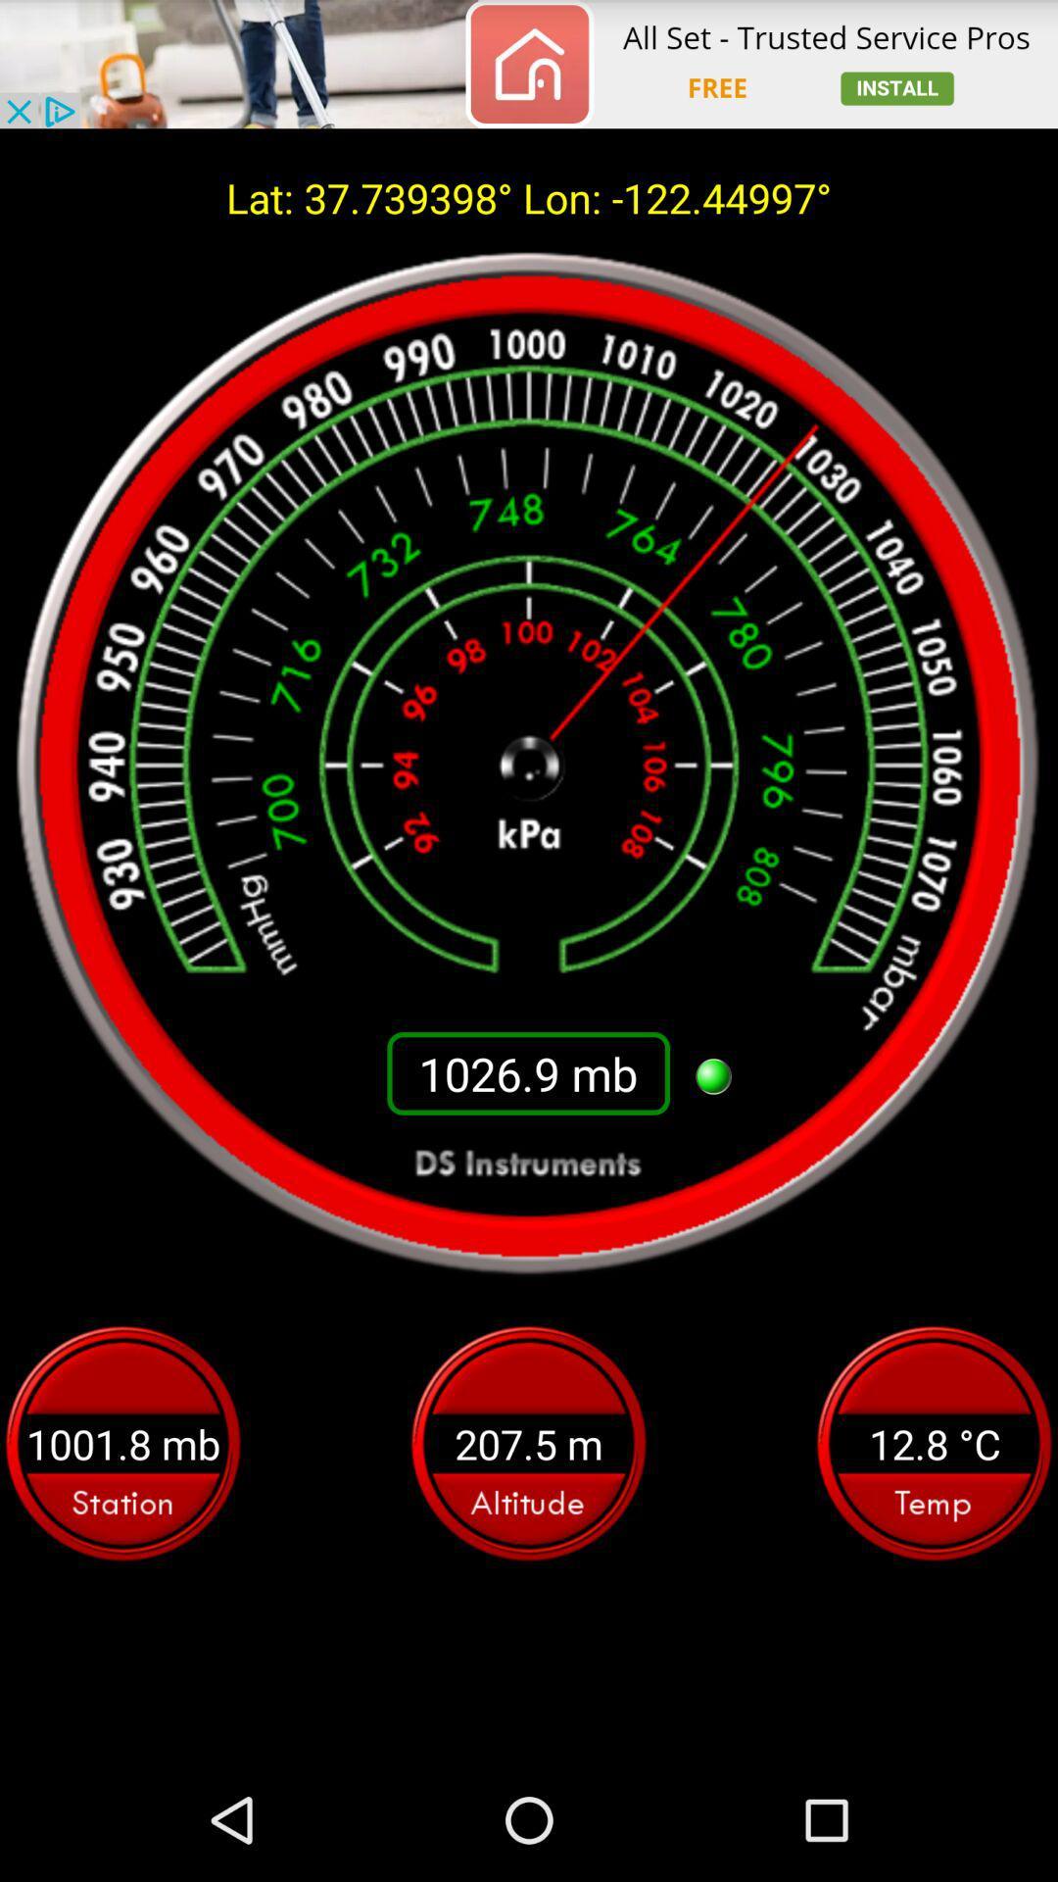  I want to click on click the advertisement, so click(529, 64).